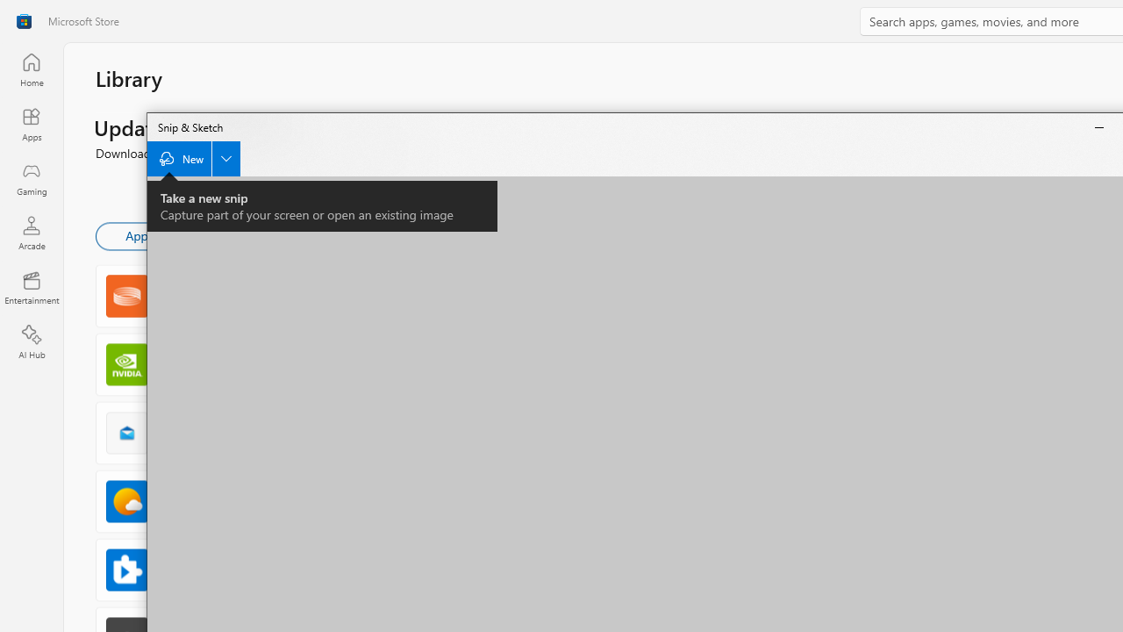  I want to click on 'Entertainment', so click(31, 286).